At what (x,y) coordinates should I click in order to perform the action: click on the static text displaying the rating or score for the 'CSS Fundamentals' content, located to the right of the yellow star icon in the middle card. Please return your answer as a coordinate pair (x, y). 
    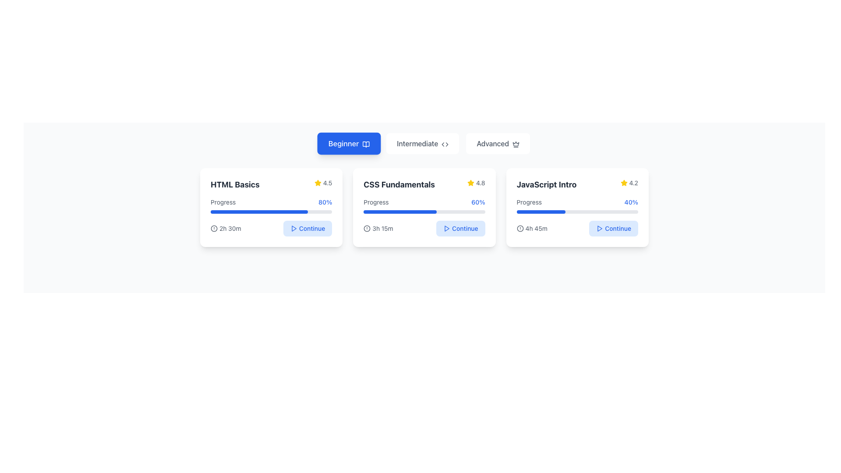
    Looking at the image, I should click on (480, 182).